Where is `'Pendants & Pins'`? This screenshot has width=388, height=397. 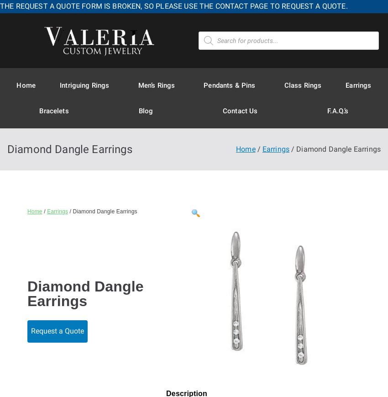 'Pendants & Pins' is located at coordinates (229, 84).